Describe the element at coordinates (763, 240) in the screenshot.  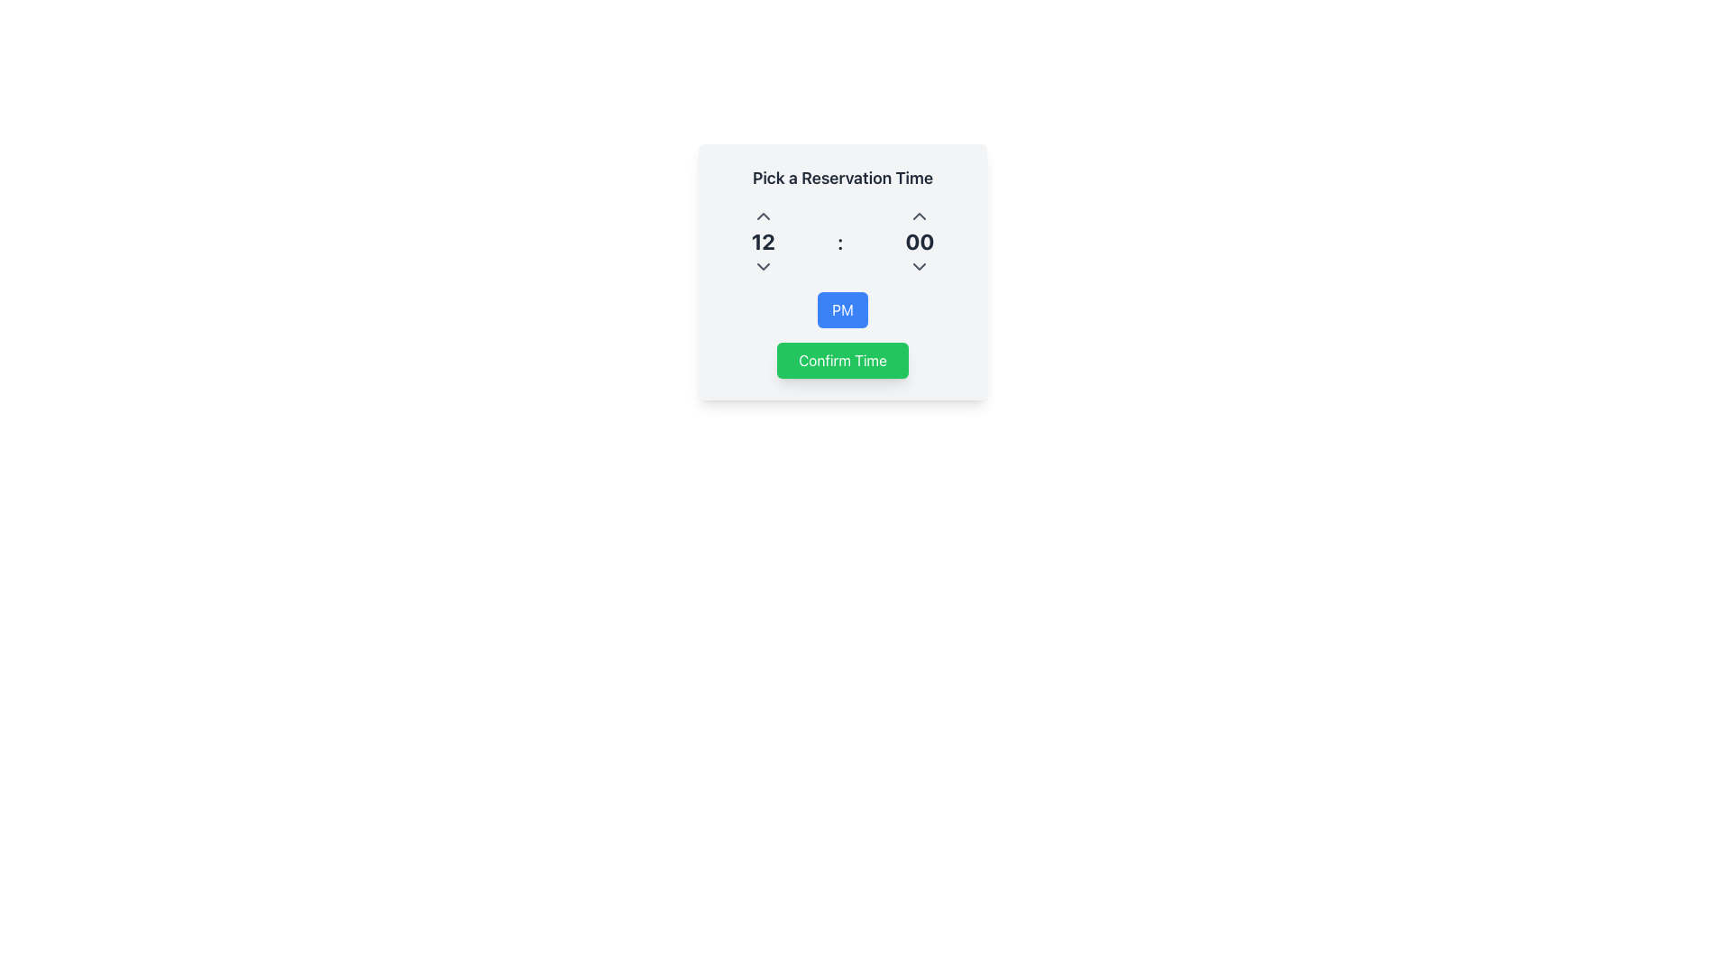
I see `the Time Picker Hour Display element, which displays '12' in bold gray text and is positioned between upward and downward arrow icons` at that location.